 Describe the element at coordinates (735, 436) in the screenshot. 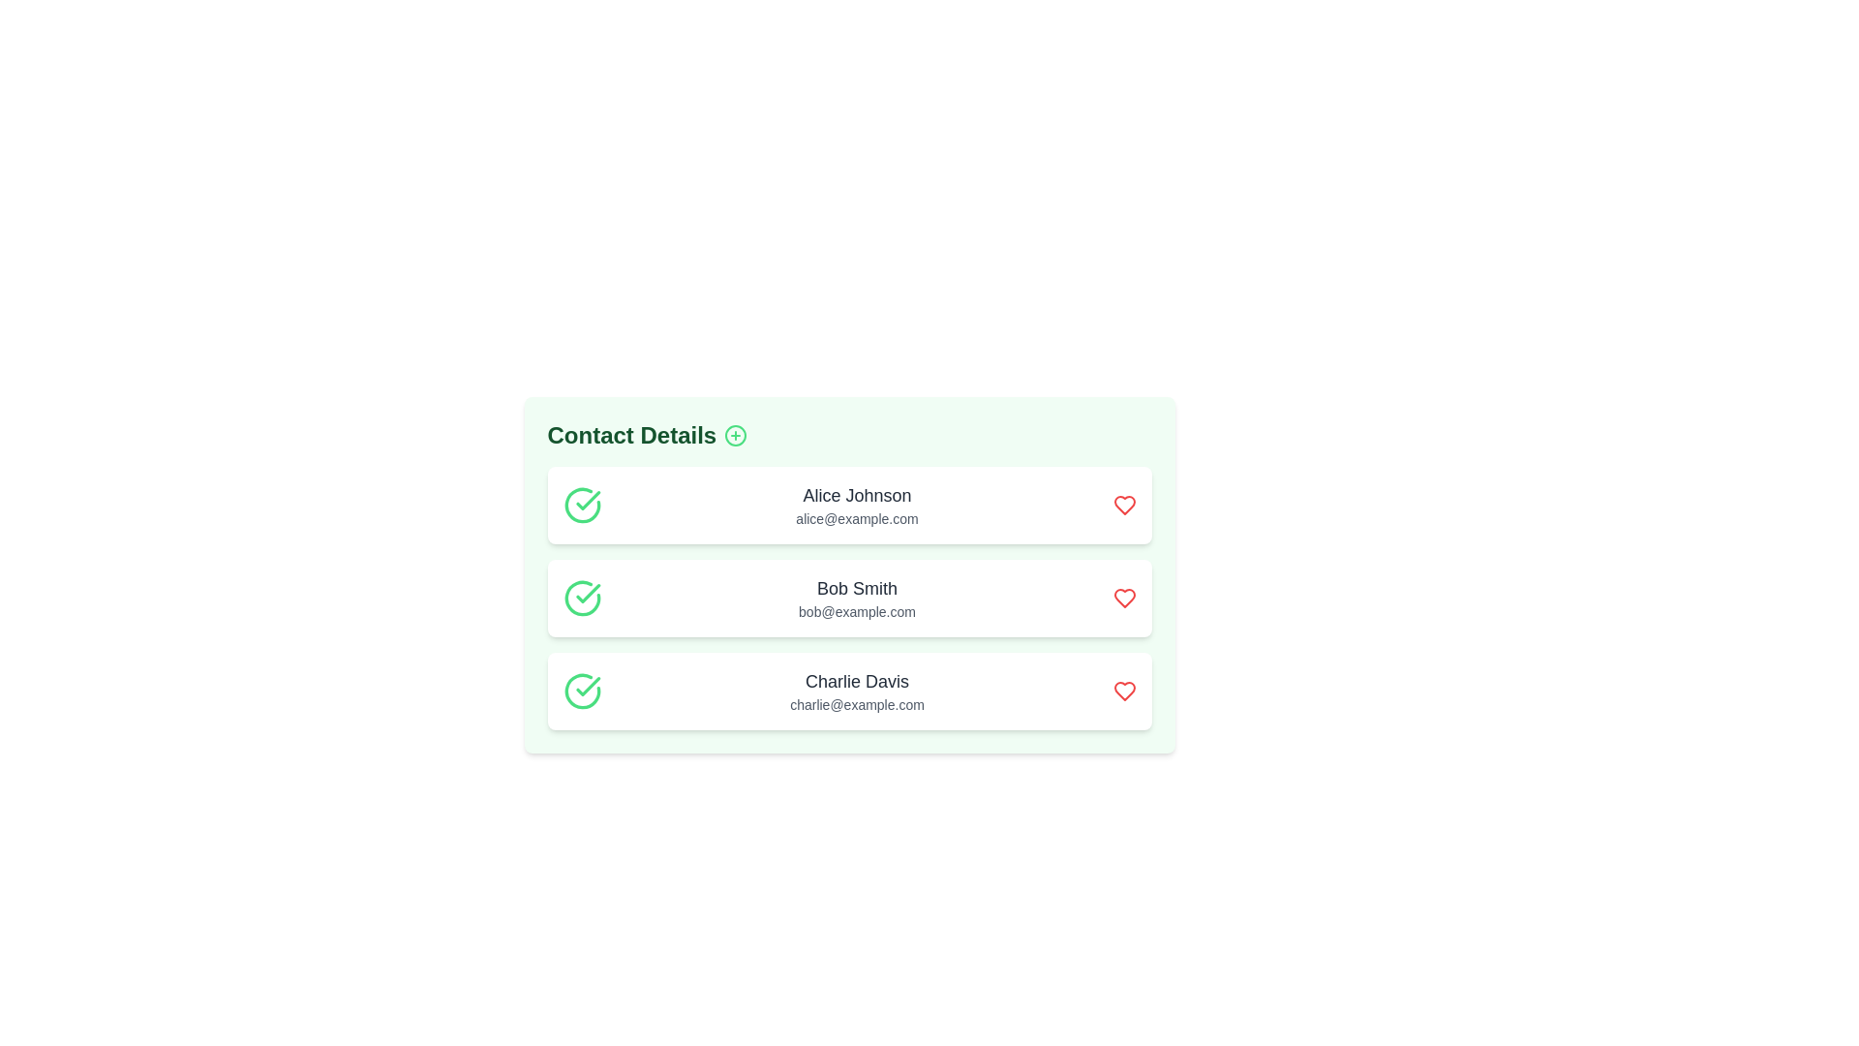

I see `the PlusCircle icon next to the header` at that location.